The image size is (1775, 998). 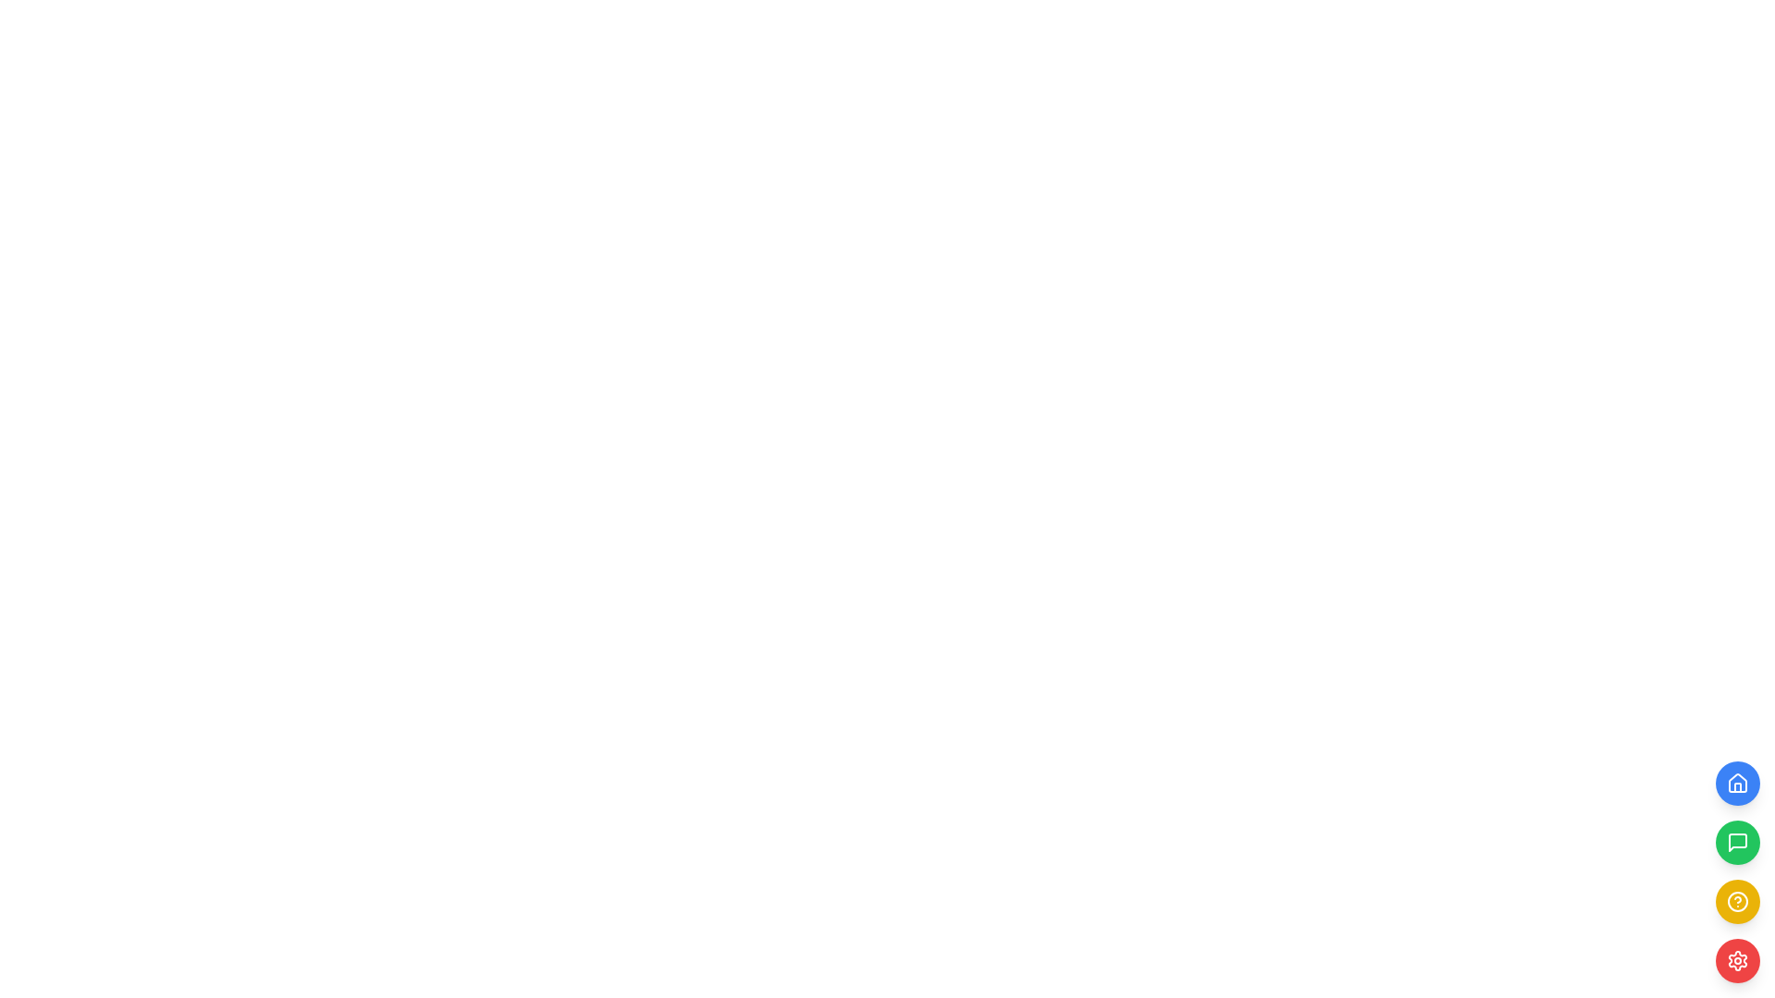 What do you see at coordinates (1737, 787) in the screenshot?
I see `the door element of the house icon in the right-side navigation menu` at bounding box center [1737, 787].